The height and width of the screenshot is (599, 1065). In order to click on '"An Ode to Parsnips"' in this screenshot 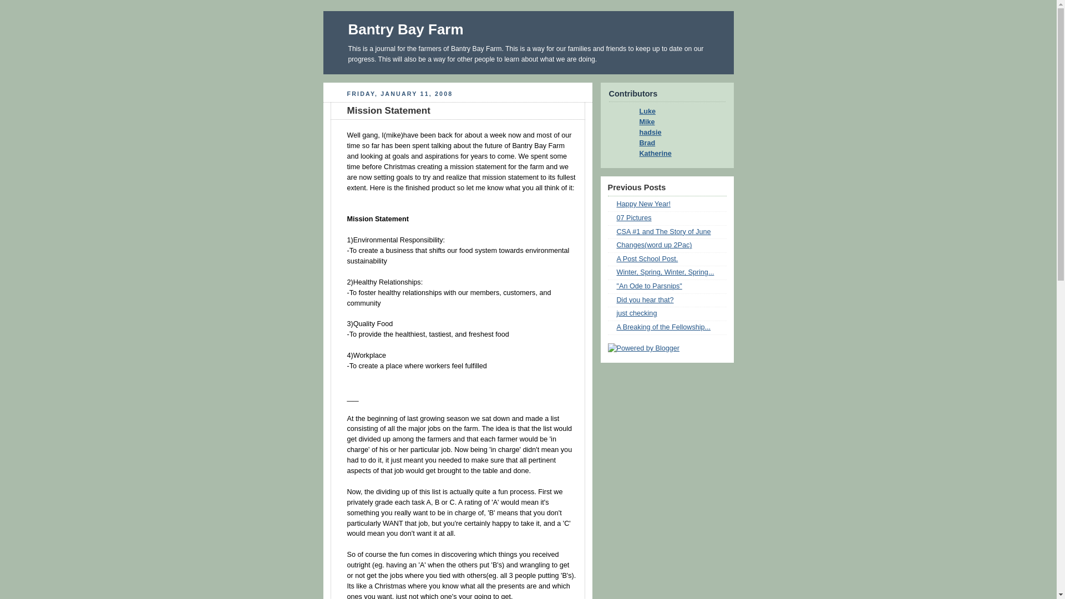, I will do `click(650, 286)`.